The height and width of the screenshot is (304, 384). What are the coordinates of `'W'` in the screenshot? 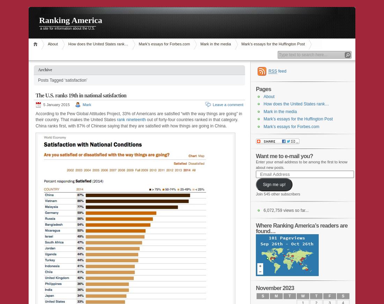 It's located at (302, 296).